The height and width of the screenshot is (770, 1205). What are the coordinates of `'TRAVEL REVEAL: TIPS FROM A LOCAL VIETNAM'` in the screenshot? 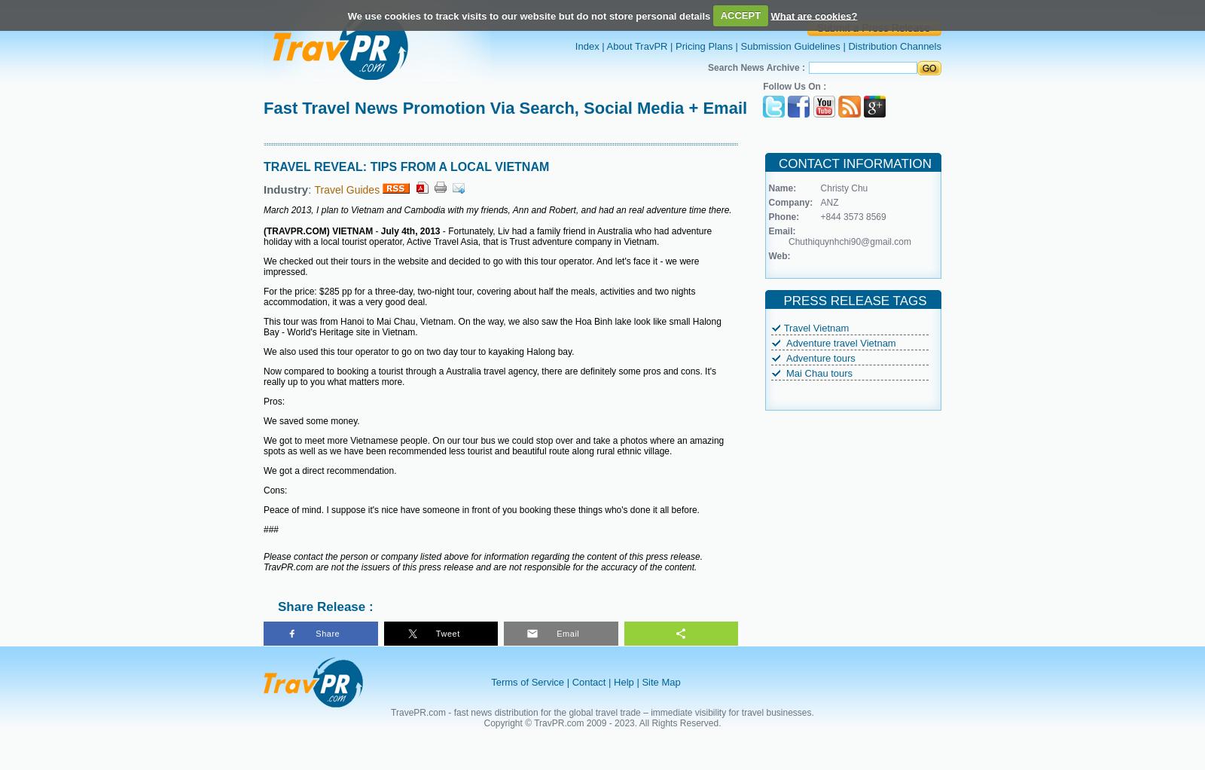 It's located at (405, 166).